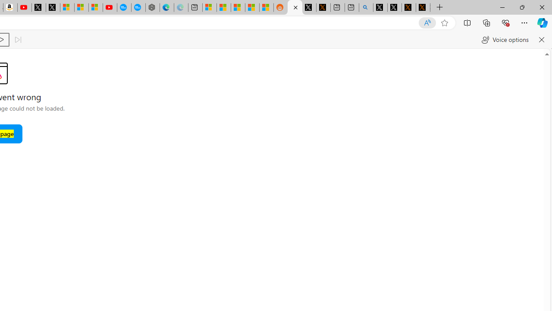  I want to click on 'Shanghai, China hourly forecast | Microsoft Weather', so click(238, 7).